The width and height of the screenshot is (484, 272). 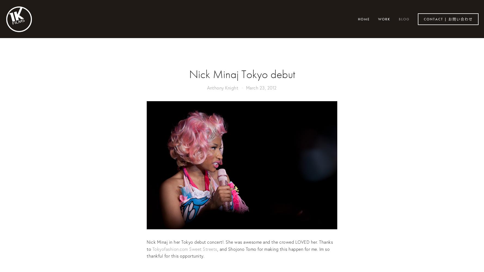 I want to click on 'Nick Minaj Tokyo debut', so click(x=189, y=74).